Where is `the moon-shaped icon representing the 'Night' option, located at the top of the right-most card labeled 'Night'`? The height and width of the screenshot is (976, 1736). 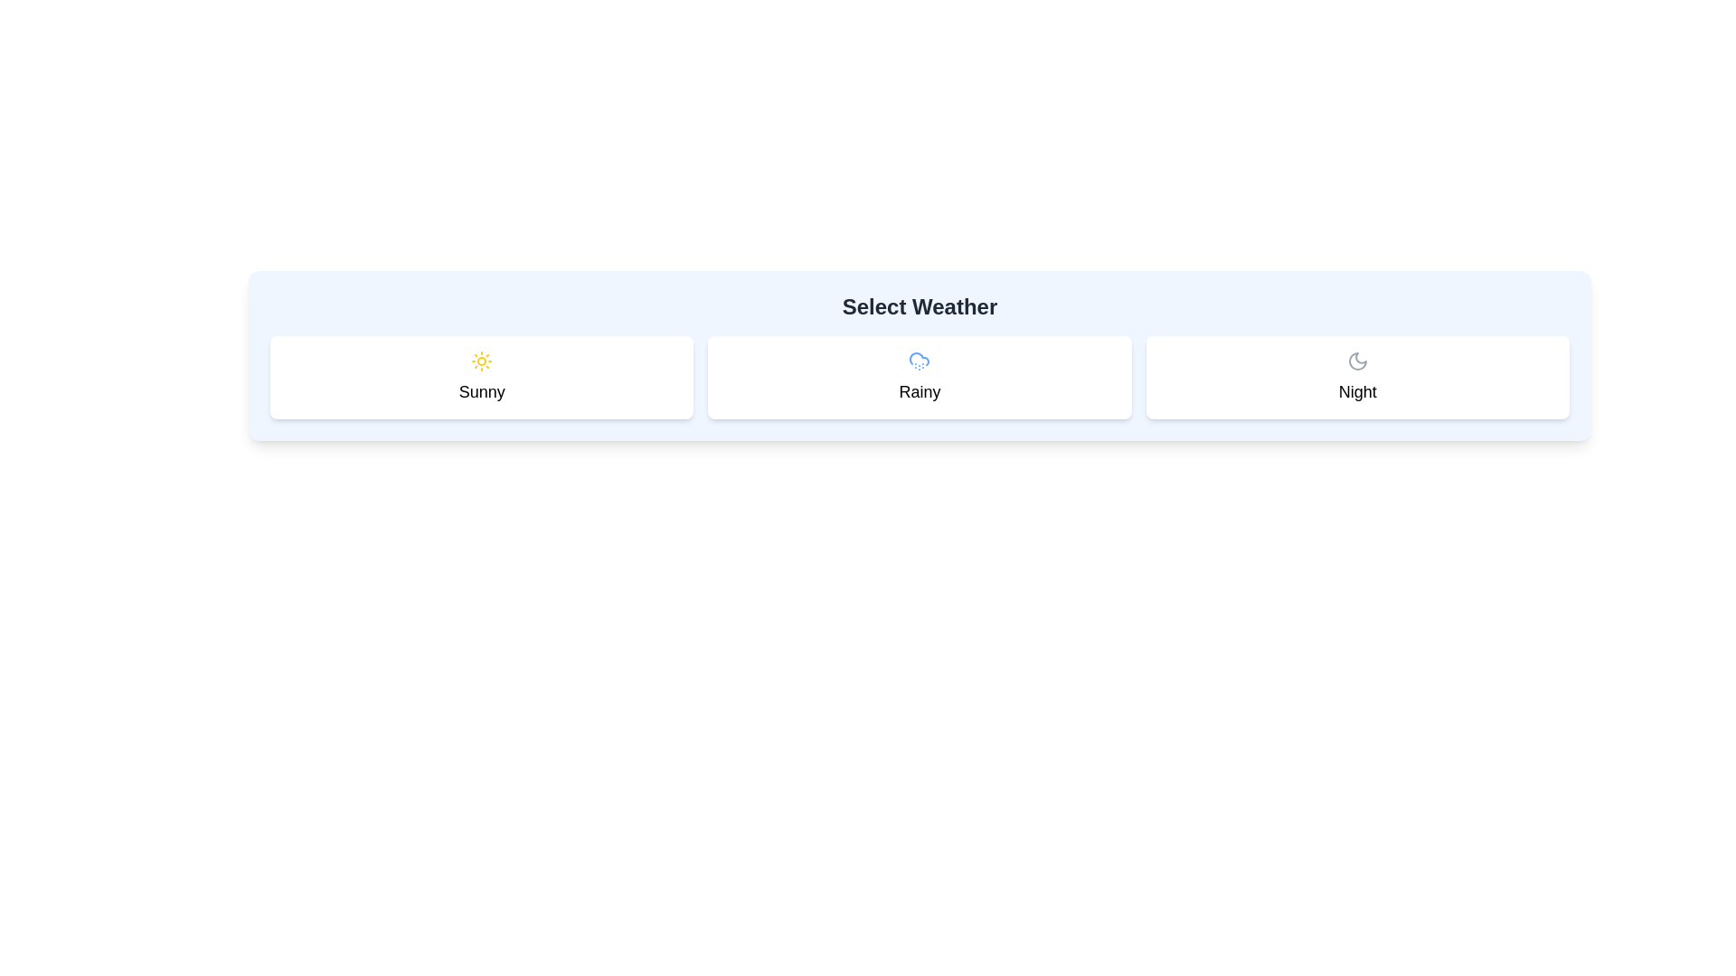 the moon-shaped icon representing the 'Night' option, located at the top of the right-most card labeled 'Night' is located at coordinates (1357, 361).